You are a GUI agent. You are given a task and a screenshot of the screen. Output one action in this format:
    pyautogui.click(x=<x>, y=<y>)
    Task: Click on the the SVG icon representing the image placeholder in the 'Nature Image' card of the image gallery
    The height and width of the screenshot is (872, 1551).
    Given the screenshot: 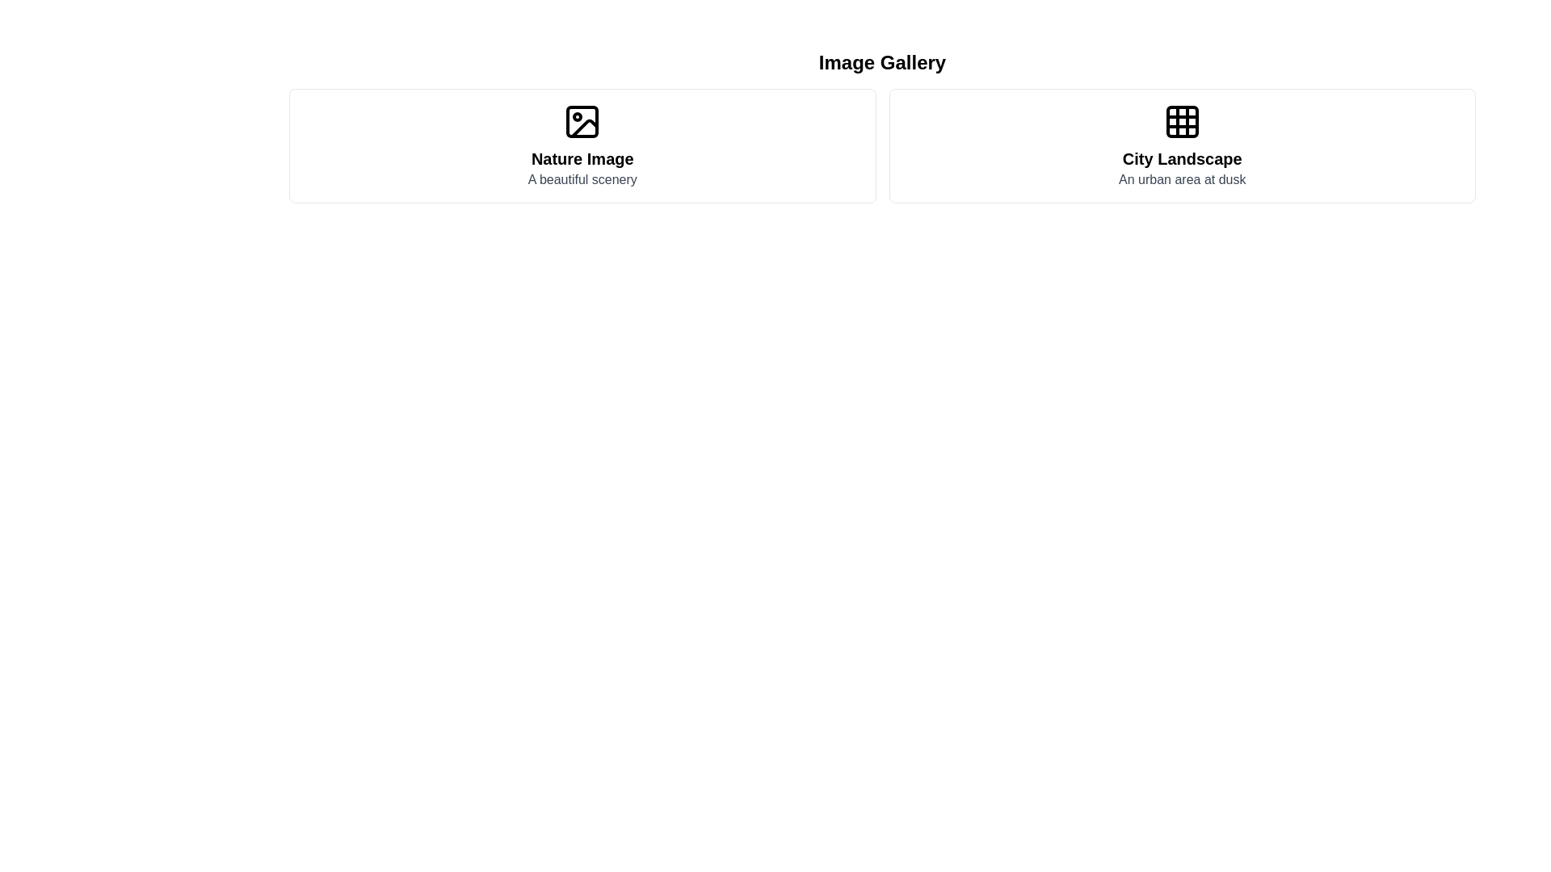 What is the action you would take?
    pyautogui.click(x=582, y=120)
    